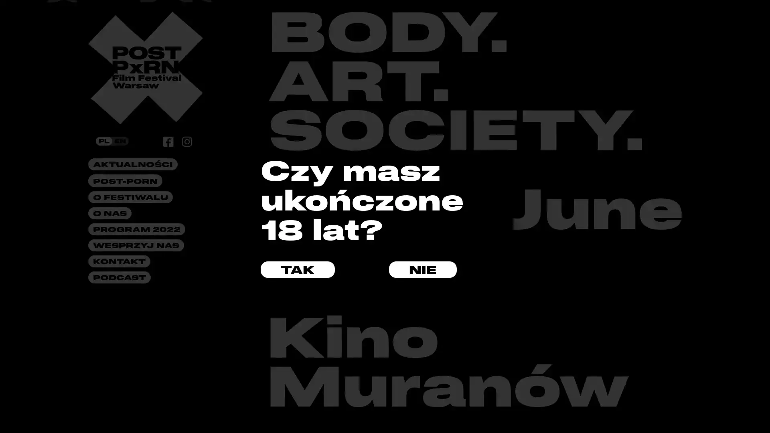 This screenshot has height=433, width=770. What do you see at coordinates (119, 261) in the screenshot?
I see `KONTAKT` at bounding box center [119, 261].